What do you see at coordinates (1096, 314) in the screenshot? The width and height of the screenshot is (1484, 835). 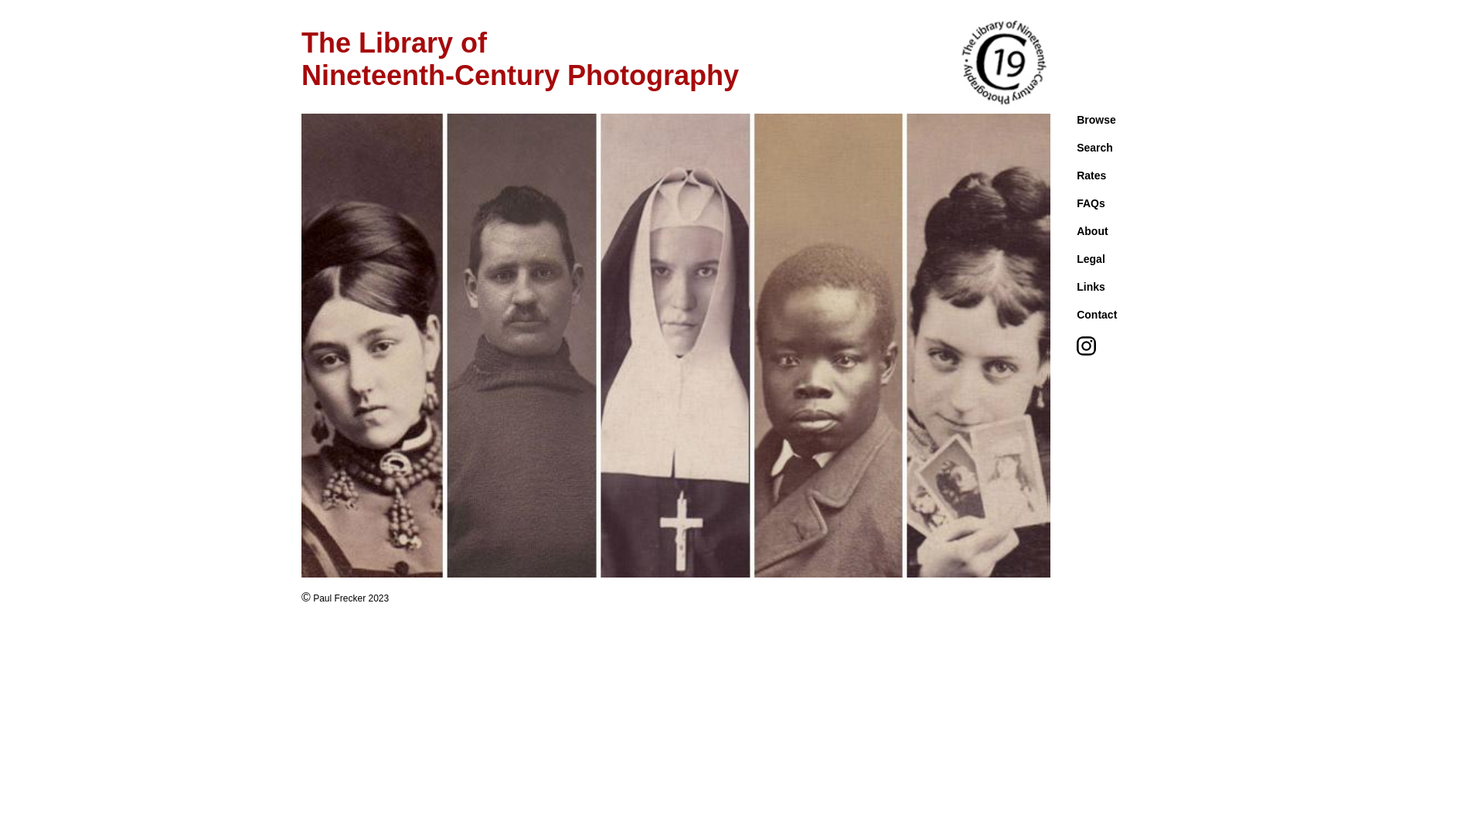 I see `'Contact'` at bounding box center [1096, 314].